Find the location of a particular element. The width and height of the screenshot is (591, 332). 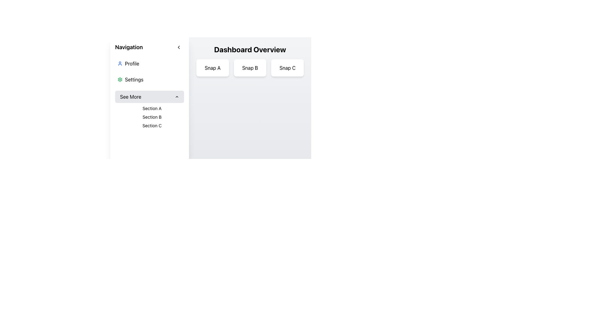

the 'Snap B' button located in the middle column of the grid layout under the title 'Dashboard Overview' is located at coordinates (250, 68).